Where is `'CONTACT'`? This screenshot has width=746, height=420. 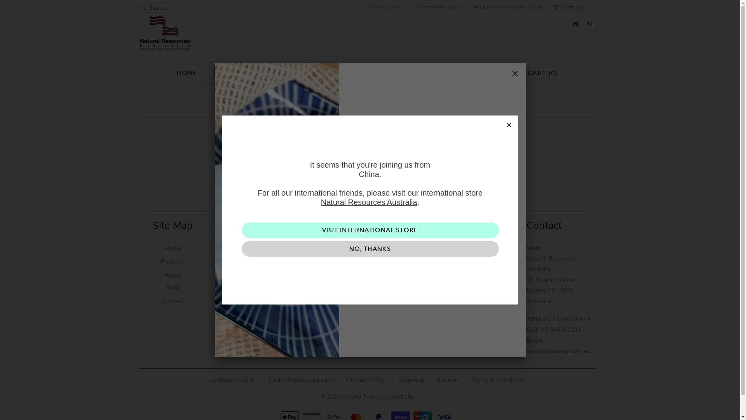
'CONTACT' is located at coordinates (486, 73).